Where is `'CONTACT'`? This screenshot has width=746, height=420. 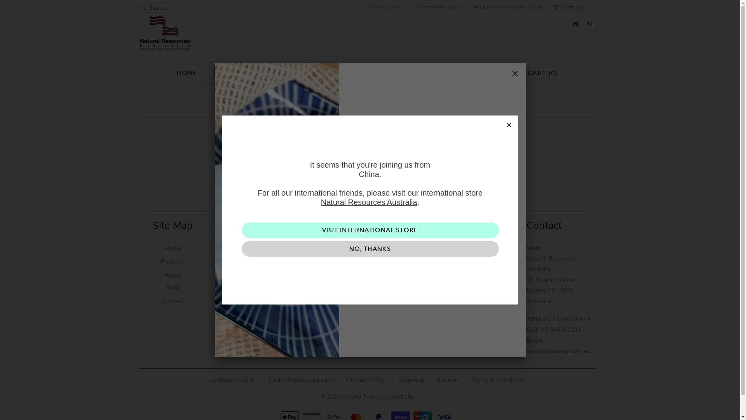
'CONTACT' is located at coordinates (486, 73).